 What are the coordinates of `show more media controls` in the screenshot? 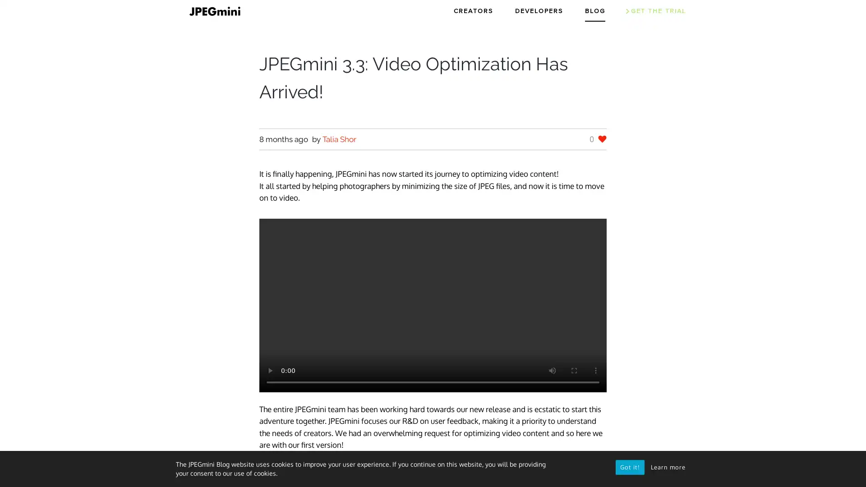 It's located at (595, 370).